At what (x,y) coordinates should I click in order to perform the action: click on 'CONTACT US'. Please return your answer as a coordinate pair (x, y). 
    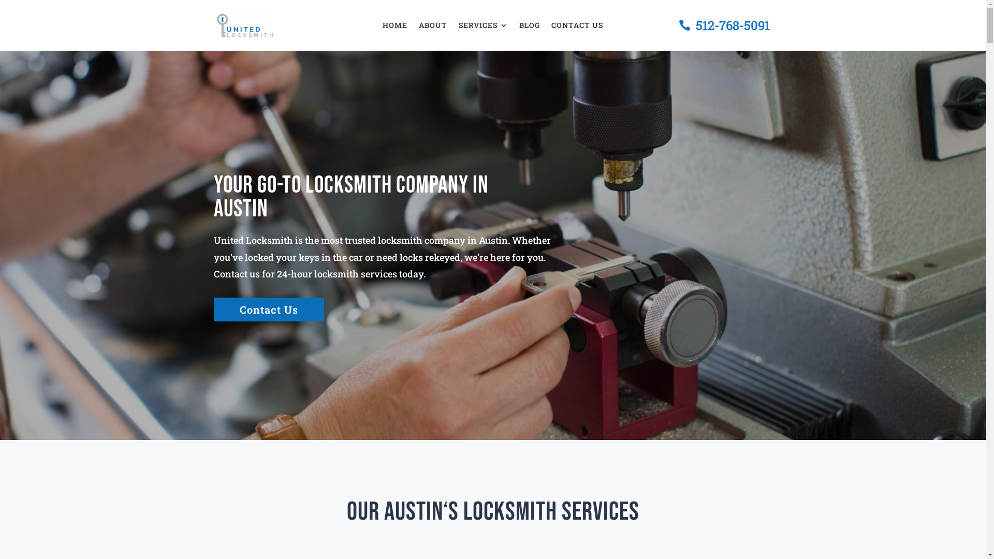
    Looking at the image, I should click on (576, 27).